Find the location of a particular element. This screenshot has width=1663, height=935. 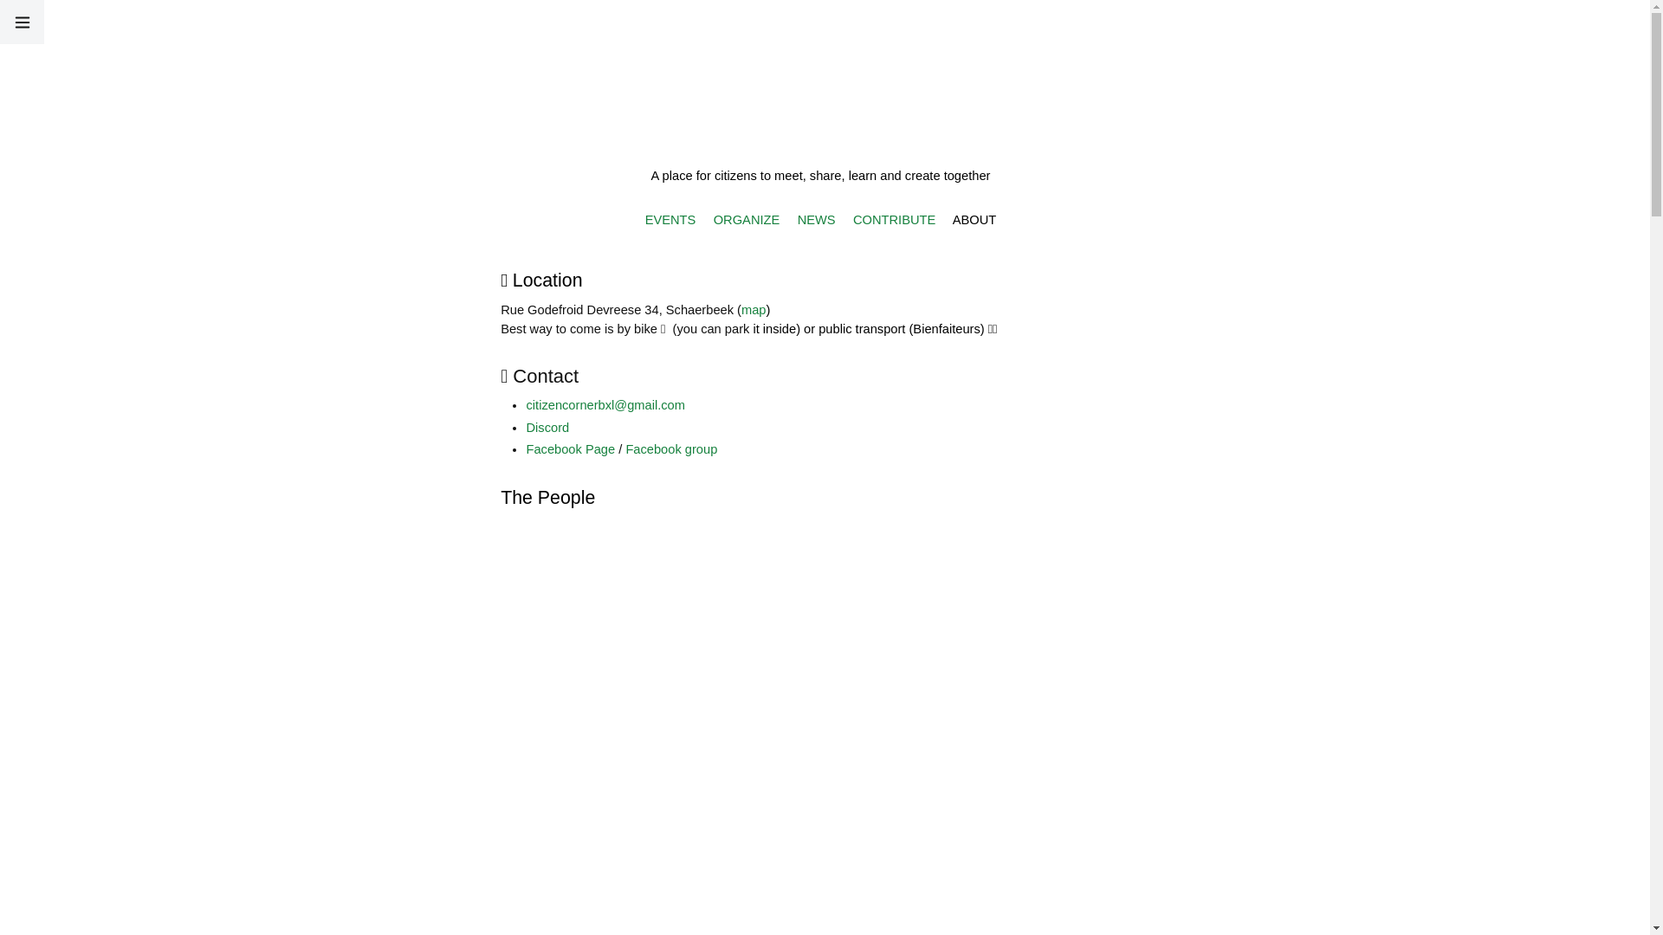

'map' is located at coordinates (754, 309).